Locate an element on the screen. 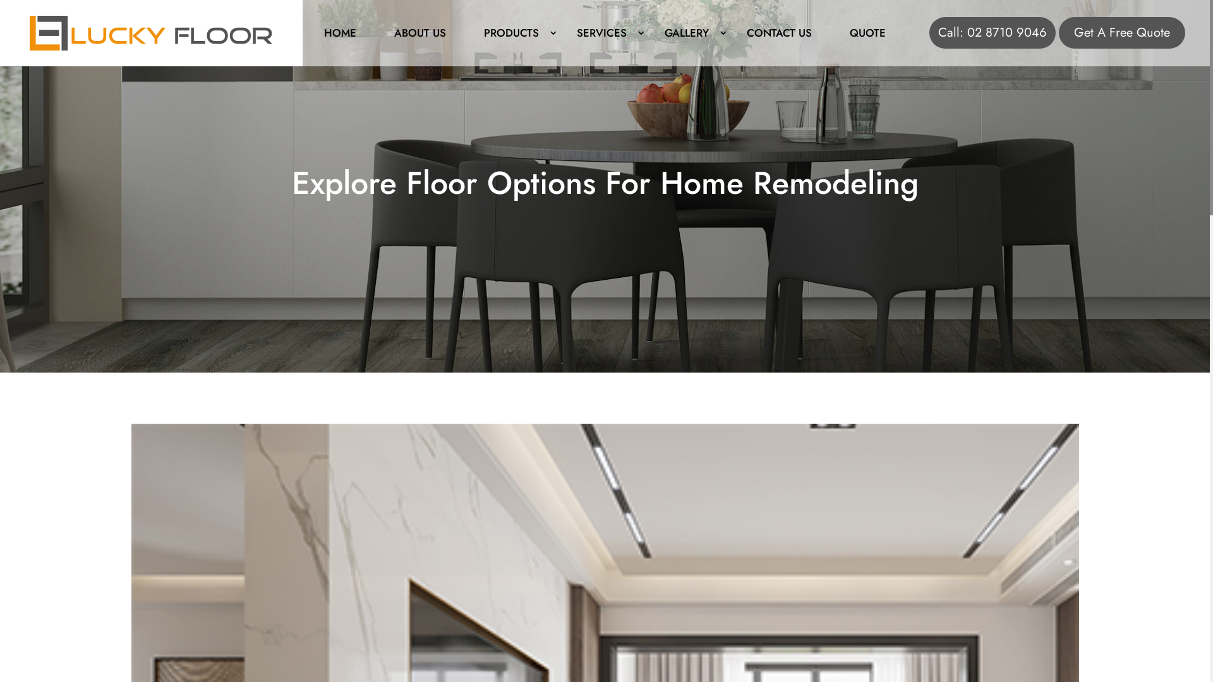 The height and width of the screenshot is (682, 1213). 'ABOUT US' is located at coordinates (375, 31).